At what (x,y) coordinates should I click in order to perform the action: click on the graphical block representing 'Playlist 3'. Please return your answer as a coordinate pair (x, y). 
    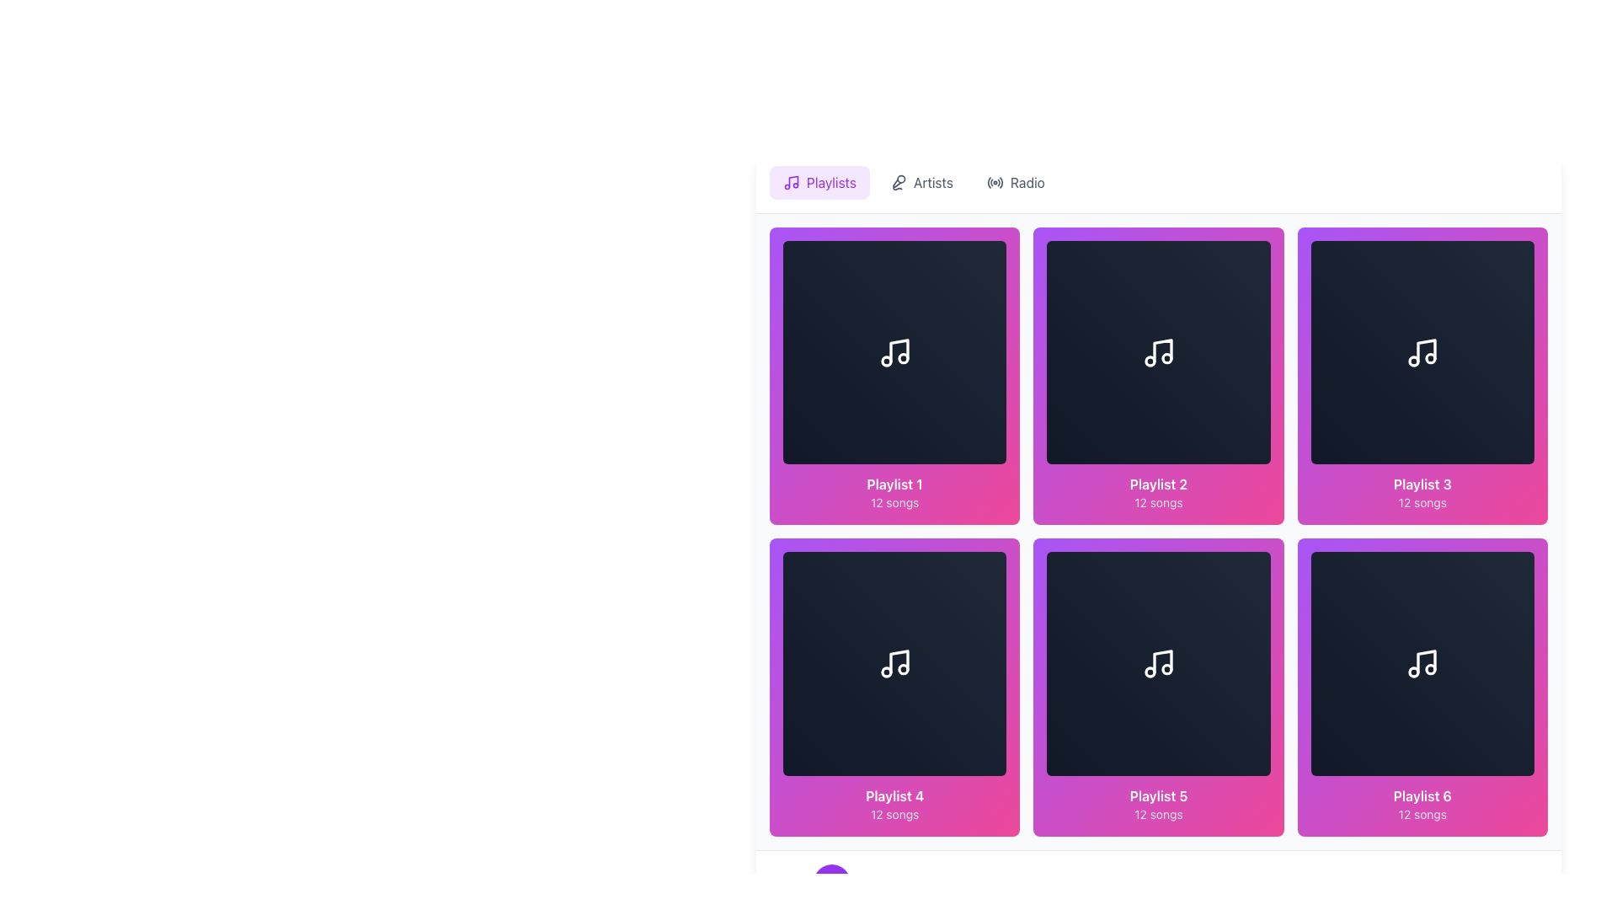
    Looking at the image, I should click on (1422, 351).